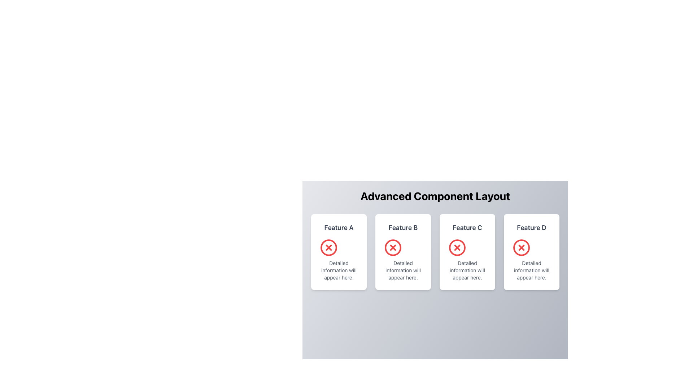  What do you see at coordinates (521, 247) in the screenshot?
I see `the error/warning icon within the fourth feature card labeled 'Feature D', which indicates an issue related to the feature` at bounding box center [521, 247].